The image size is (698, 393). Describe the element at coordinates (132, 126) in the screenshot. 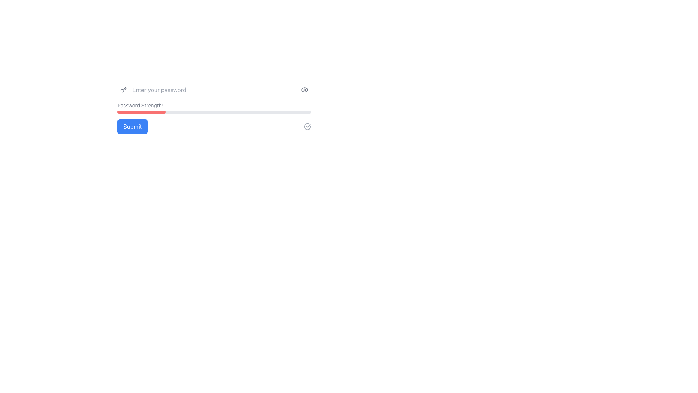

I see `the blue 'Submit' button with white text located below the 'Password Strength' label` at that location.